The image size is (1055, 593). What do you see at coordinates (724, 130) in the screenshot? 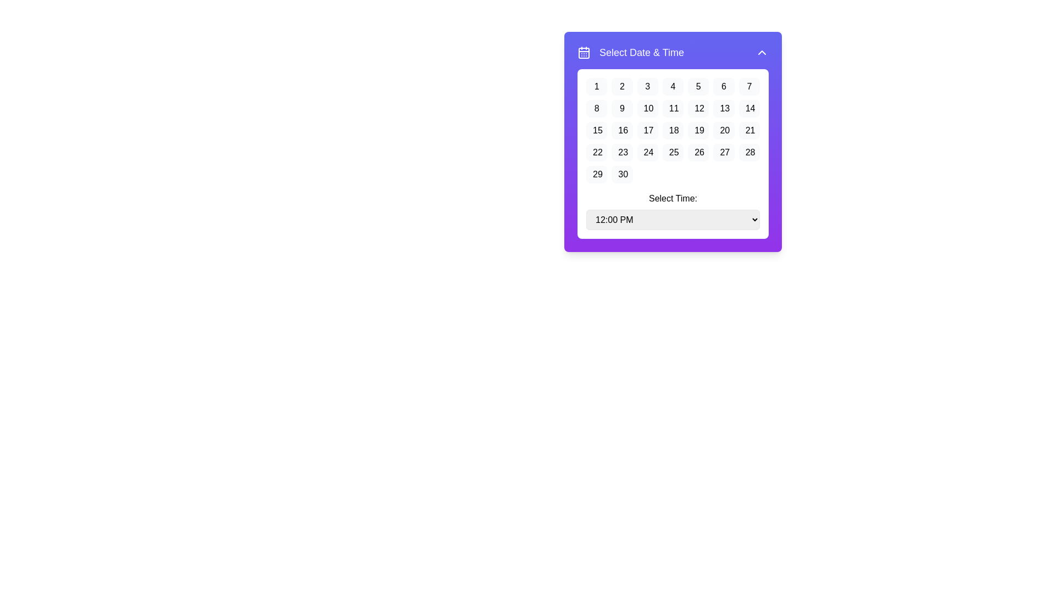
I see `the button displaying the text '20' in the calendar date picker` at bounding box center [724, 130].